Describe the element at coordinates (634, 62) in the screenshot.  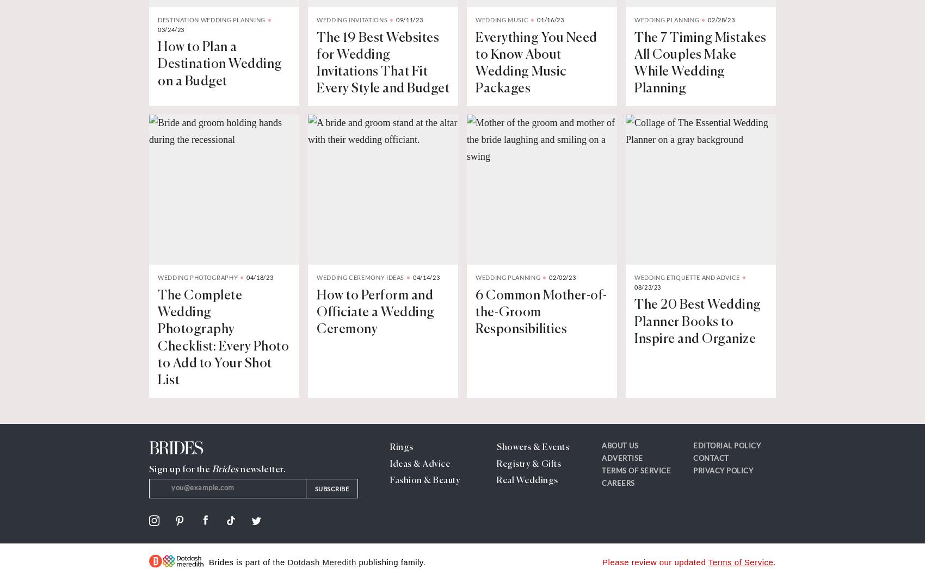
I see `'The 7 Timing Mistakes All Couples Make While Wedding Planning'` at that location.